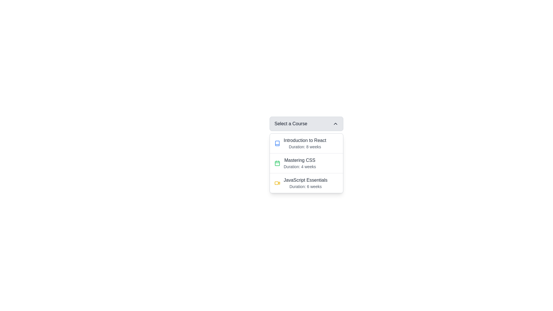  I want to click on the 'Mastering CSS' course option in the dropdown list under the 'Select a Course' header, so click(300, 163).